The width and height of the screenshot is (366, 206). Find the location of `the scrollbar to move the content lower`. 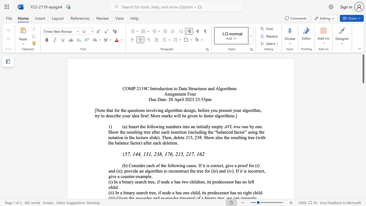

the scrollbar to move the content lower is located at coordinates (363, 112).